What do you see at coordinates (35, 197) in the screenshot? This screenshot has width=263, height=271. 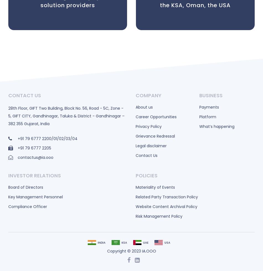 I see `'Key Management Personnel'` at bounding box center [35, 197].